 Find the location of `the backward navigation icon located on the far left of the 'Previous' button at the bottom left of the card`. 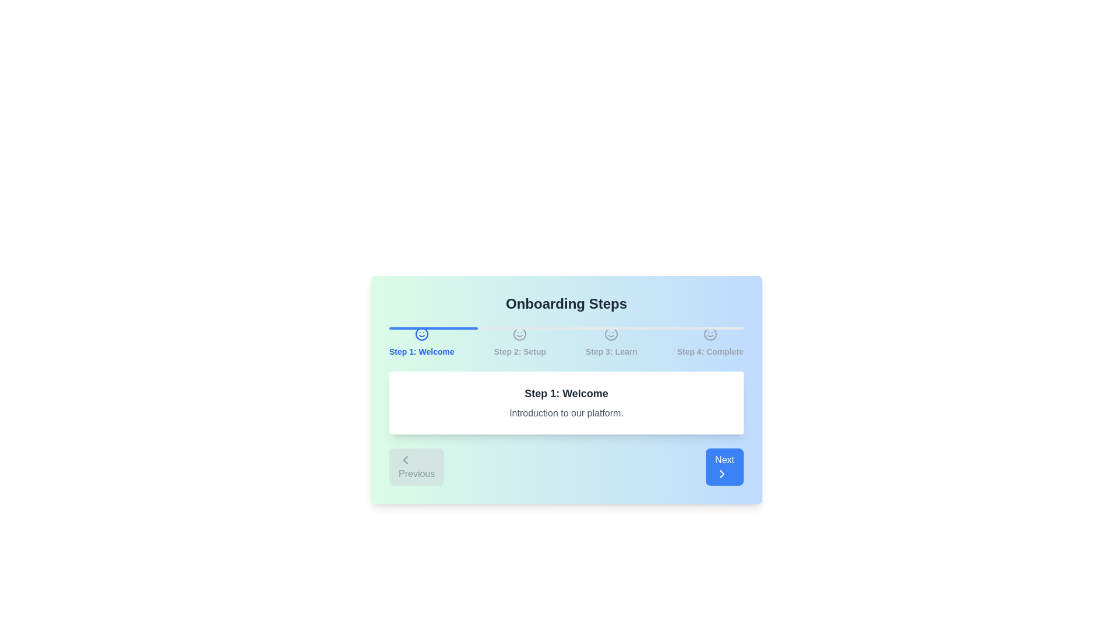

the backward navigation icon located on the far left of the 'Previous' button at the bottom left of the card is located at coordinates (406, 460).